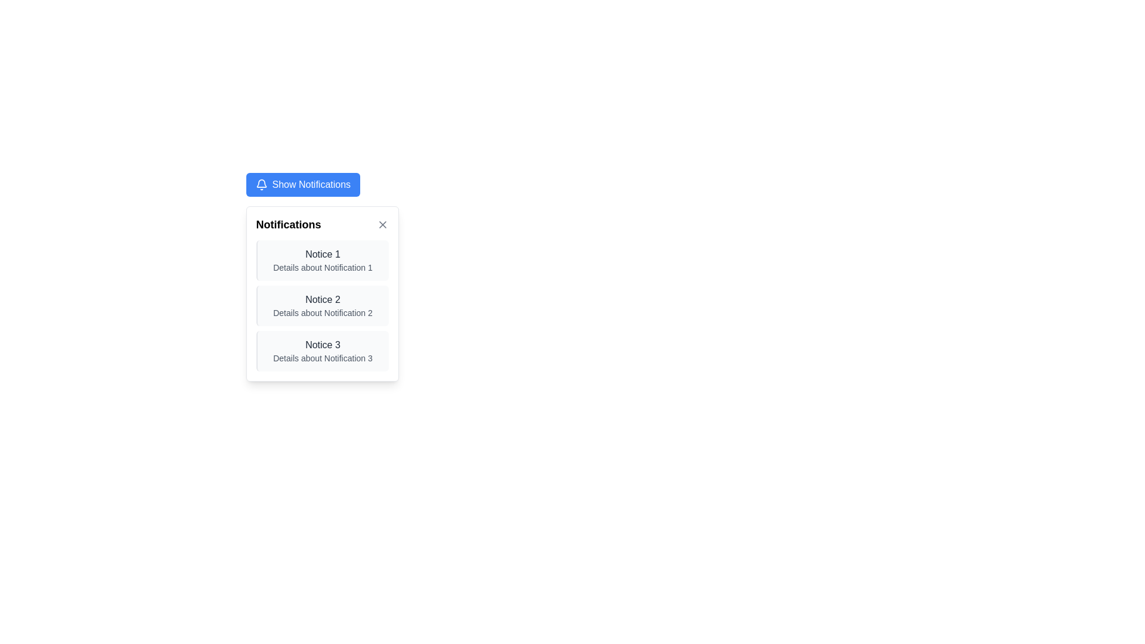 The image size is (1145, 644). Describe the element at coordinates (382, 225) in the screenshot. I see `the diagonal cross ('X') symbol button located in the top-right corner of the notification window` at that location.